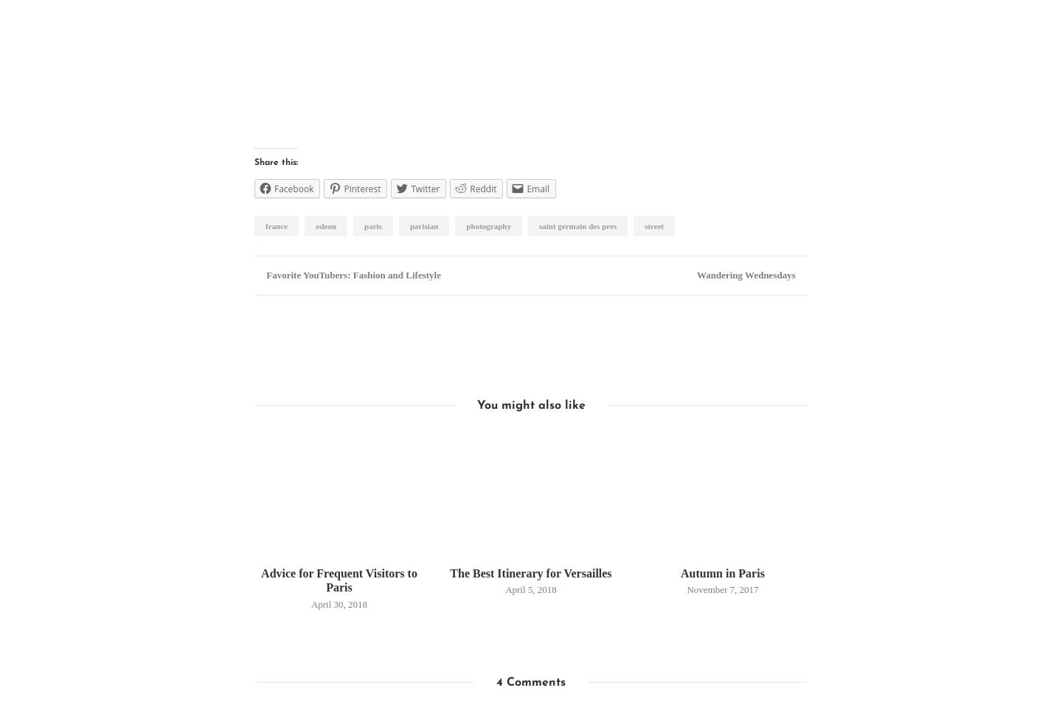 The width and height of the screenshot is (1062, 727). I want to click on 'Advice for Frequent Visitors to Paris', so click(339, 580).